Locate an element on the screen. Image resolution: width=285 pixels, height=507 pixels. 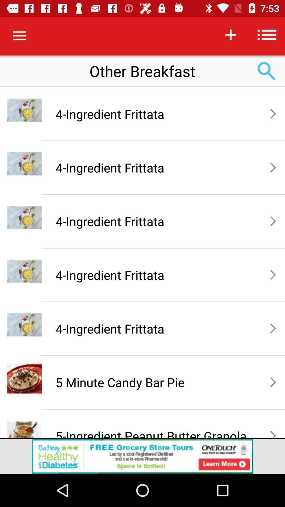
the search icon is located at coordinates (267, 71).